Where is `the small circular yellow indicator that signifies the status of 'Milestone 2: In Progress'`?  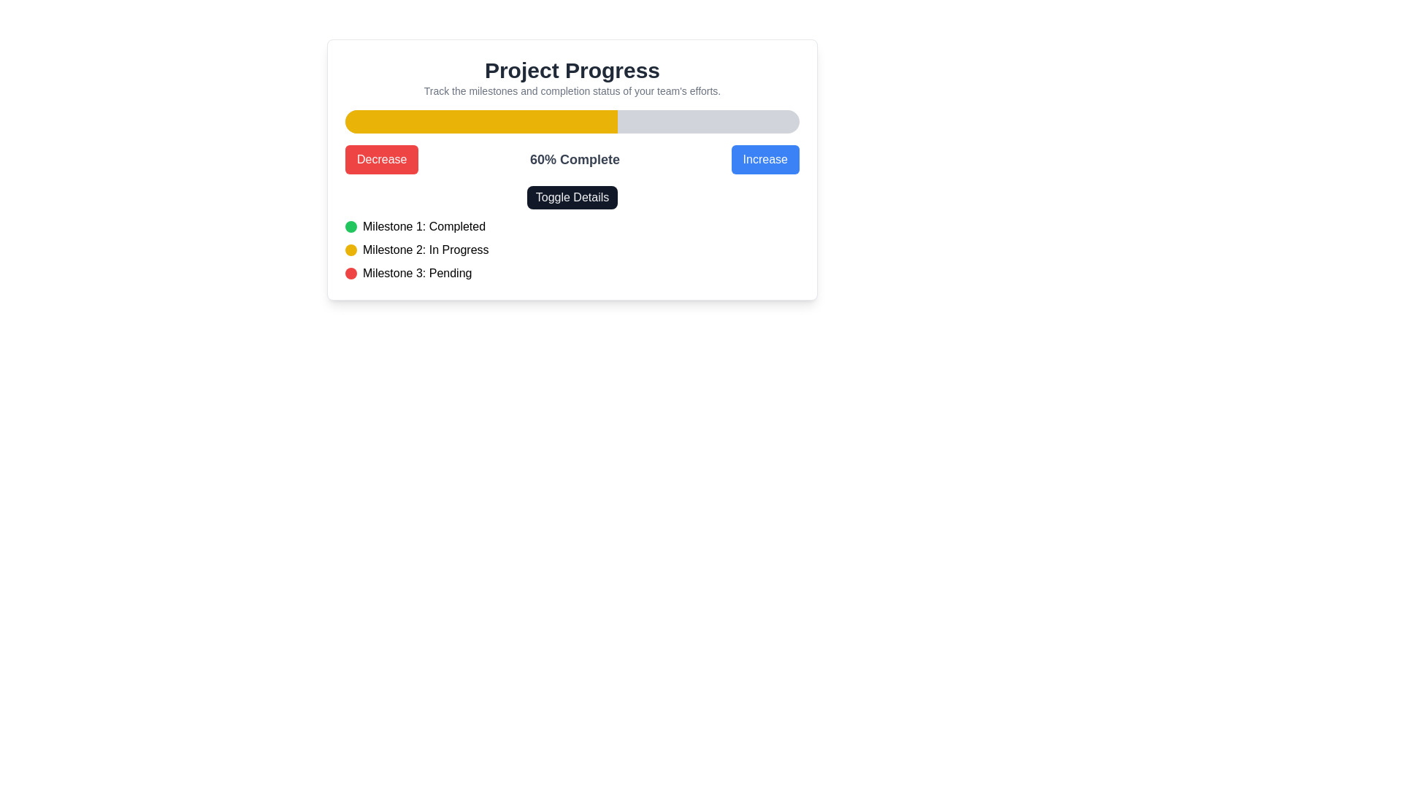
the small circular yellow indicator that signifies the status of 'Milestone 2: In Progress' is located at coordinates (350, 250).